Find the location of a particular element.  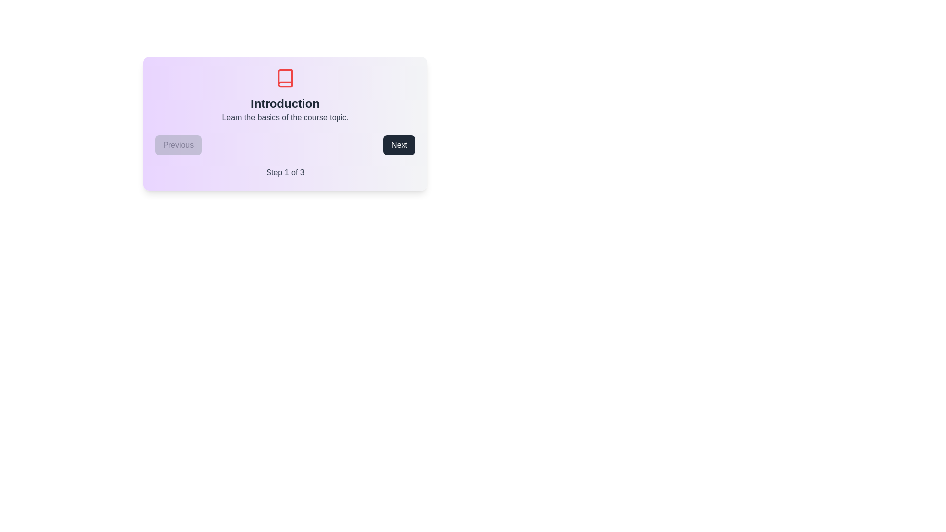

the 'Next' button to navigate to the next step is located at coordinates (399, 145).